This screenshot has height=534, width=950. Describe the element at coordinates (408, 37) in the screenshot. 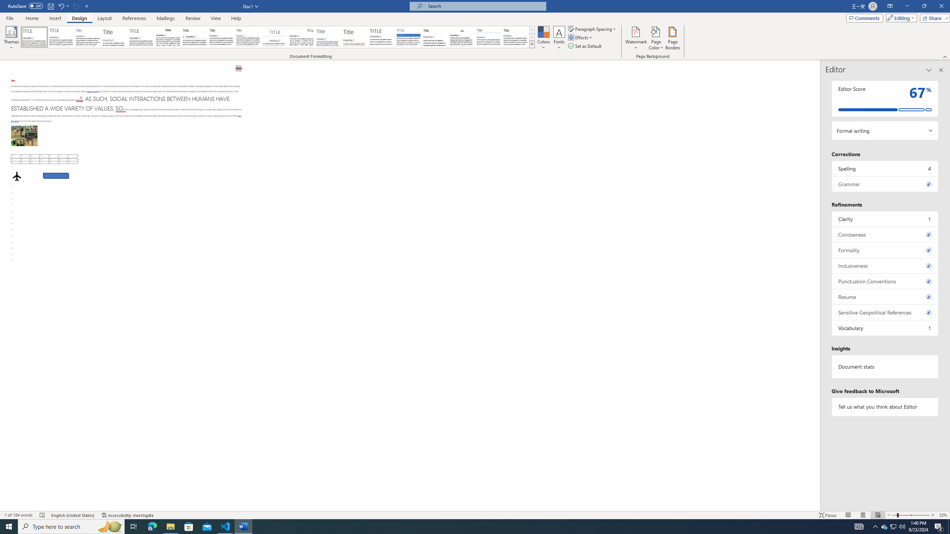

I see `'Shaded'` at that location.